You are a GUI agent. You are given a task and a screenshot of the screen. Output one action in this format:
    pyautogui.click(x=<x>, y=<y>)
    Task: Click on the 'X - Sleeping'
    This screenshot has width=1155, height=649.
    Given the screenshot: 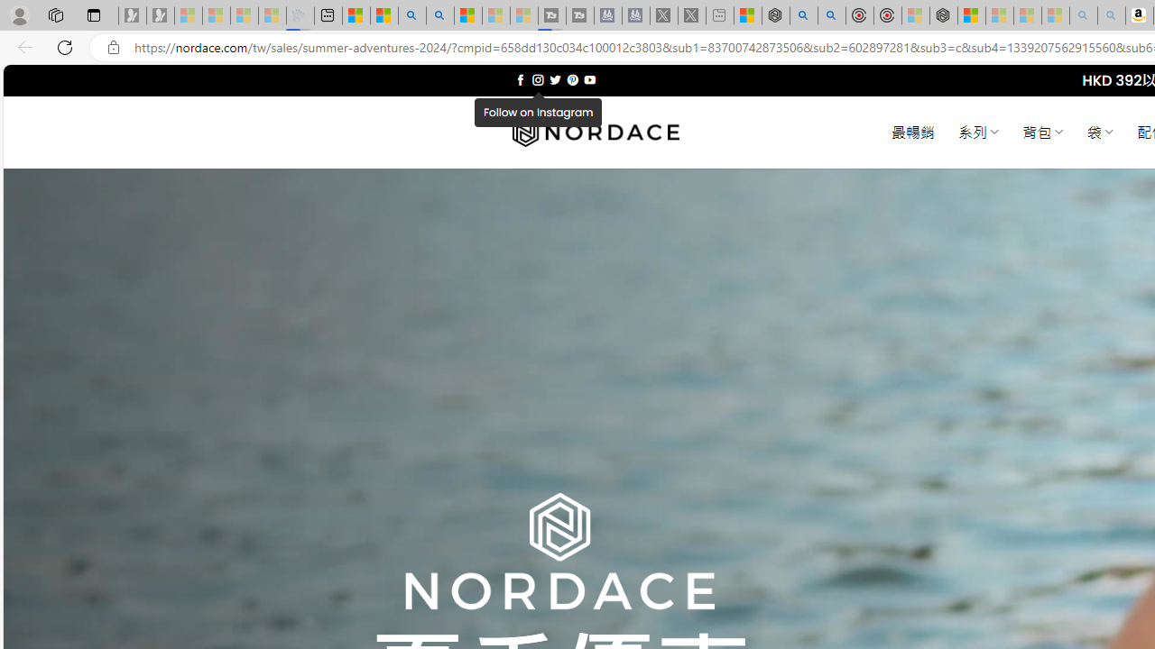 What is the action you would take?
    pyautogui.click(x=690, y=15)
    